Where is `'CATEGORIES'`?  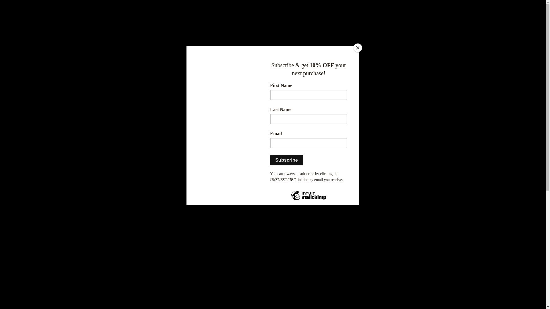 'CATEGORIES' is located at coordinates (298, 118).